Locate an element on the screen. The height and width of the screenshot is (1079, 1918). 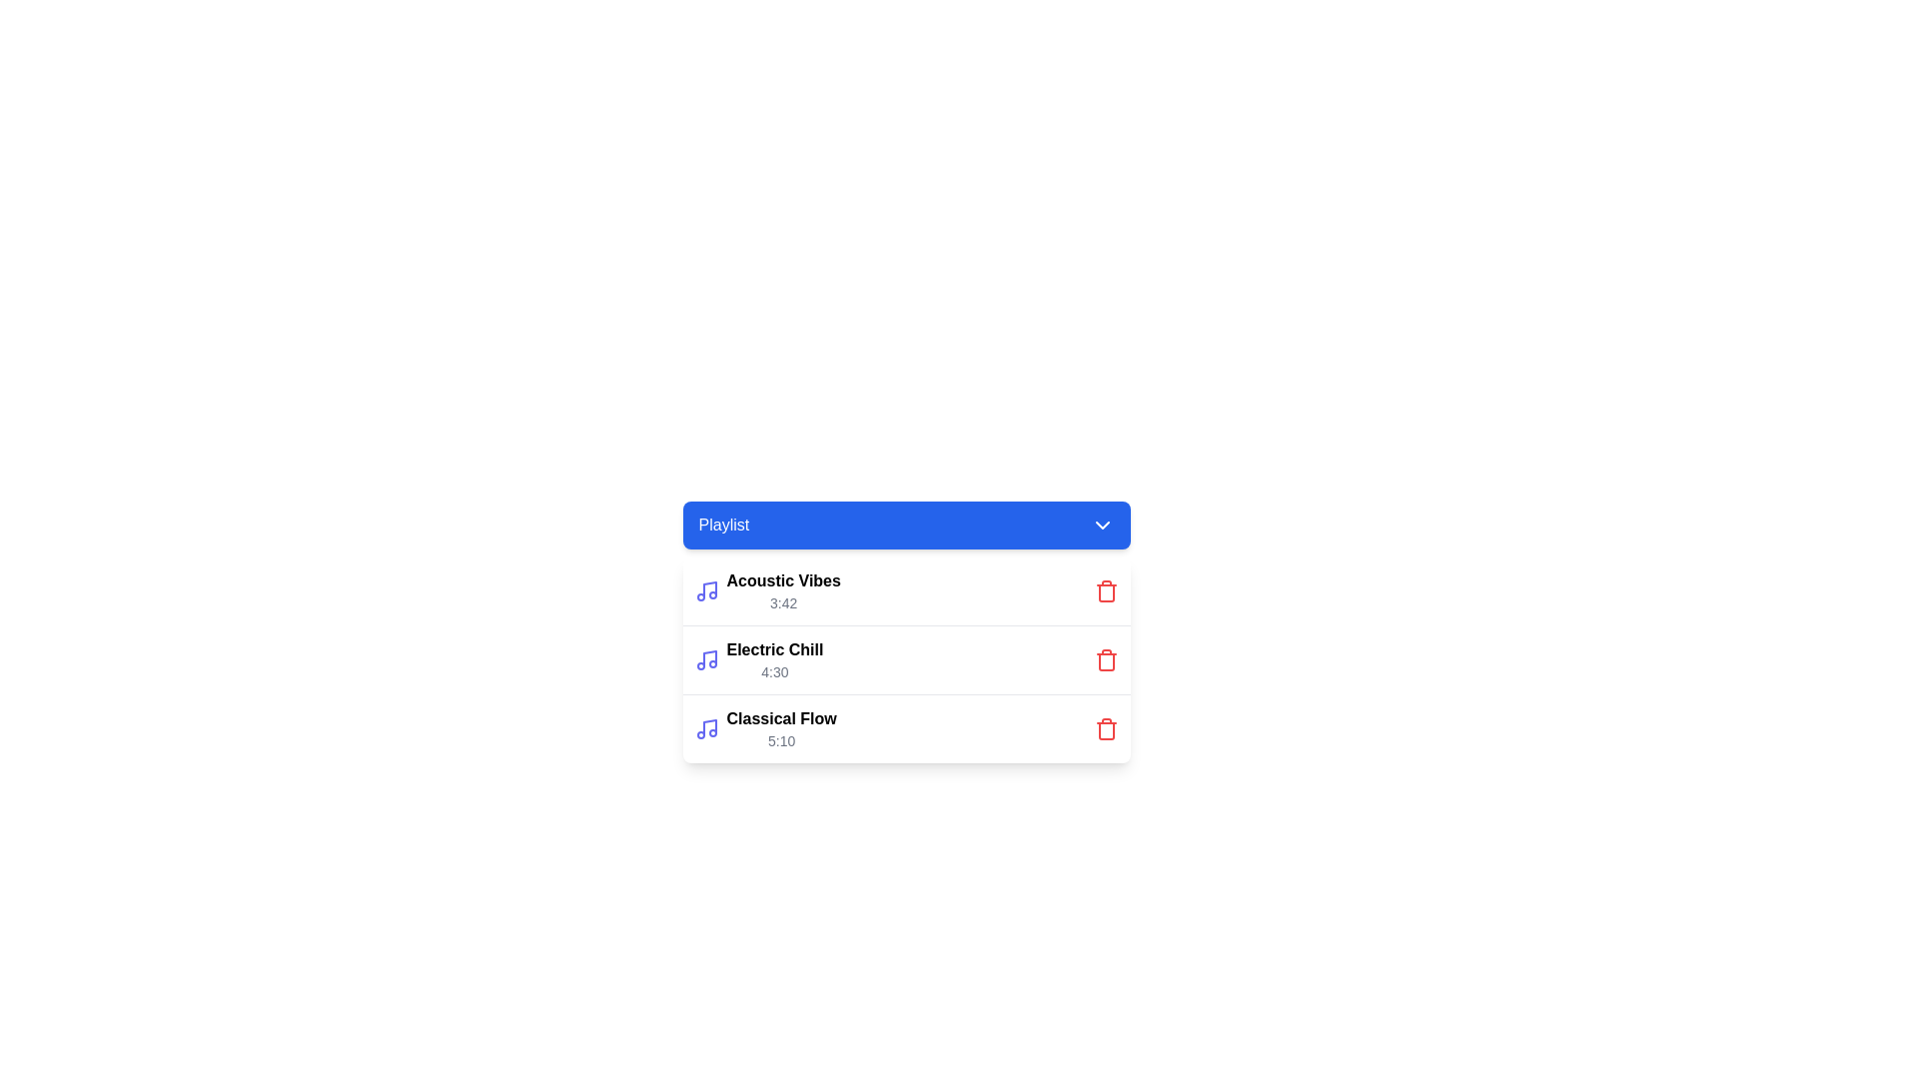
the downwards-pointing chevron icon located to the right of the text 'Playlist' is located at coordinates (1101, 524).